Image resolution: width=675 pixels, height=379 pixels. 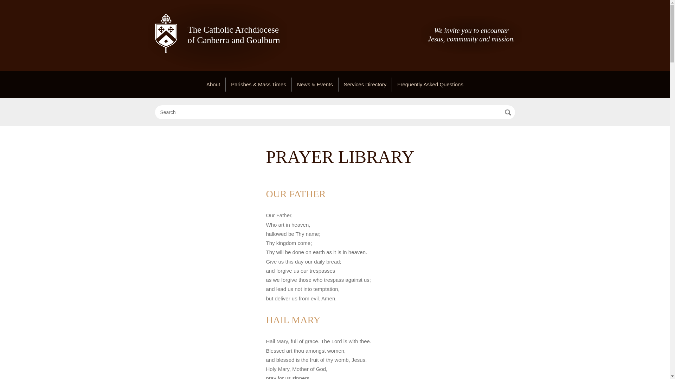 I want to click on ' The Catholic Archdiocese, so click(x=217, y=36).